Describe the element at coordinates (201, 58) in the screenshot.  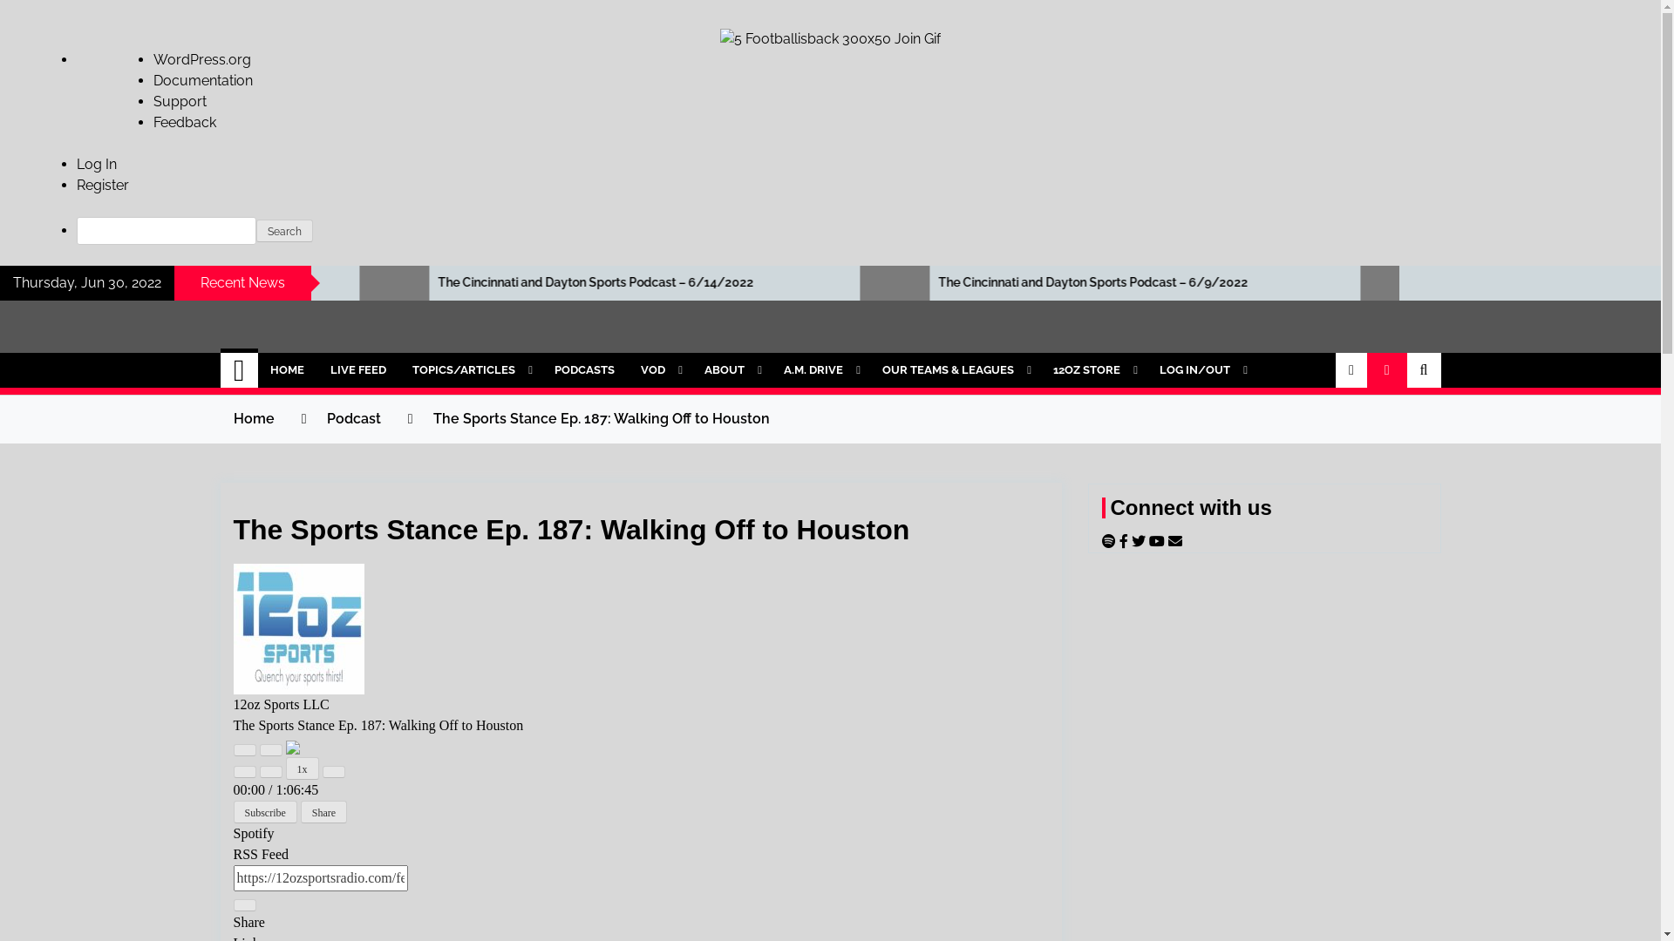
I see `'WordPress.org'` at that location.